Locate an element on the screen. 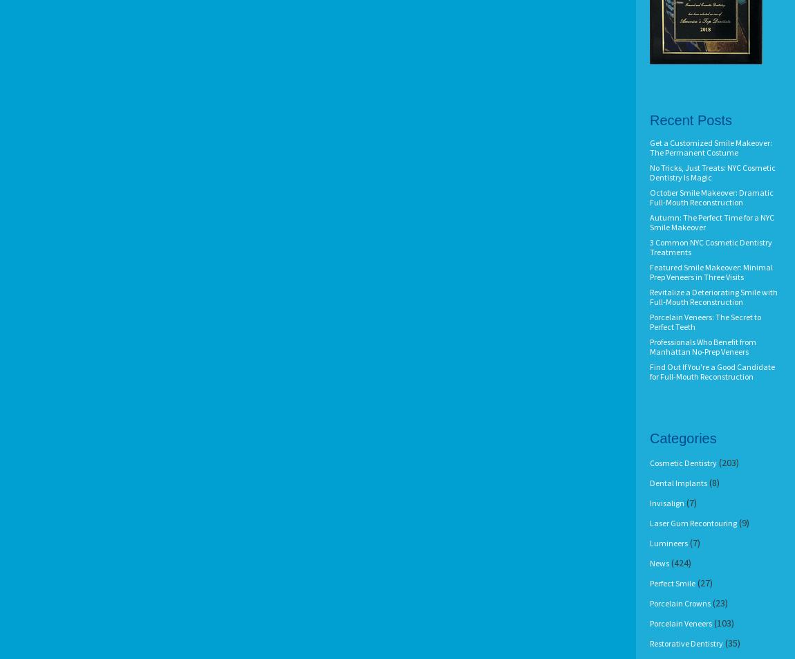  'Professionals Who Benefit from Manhattan No-Prep Veneers' is located at coordinates (702, 346).